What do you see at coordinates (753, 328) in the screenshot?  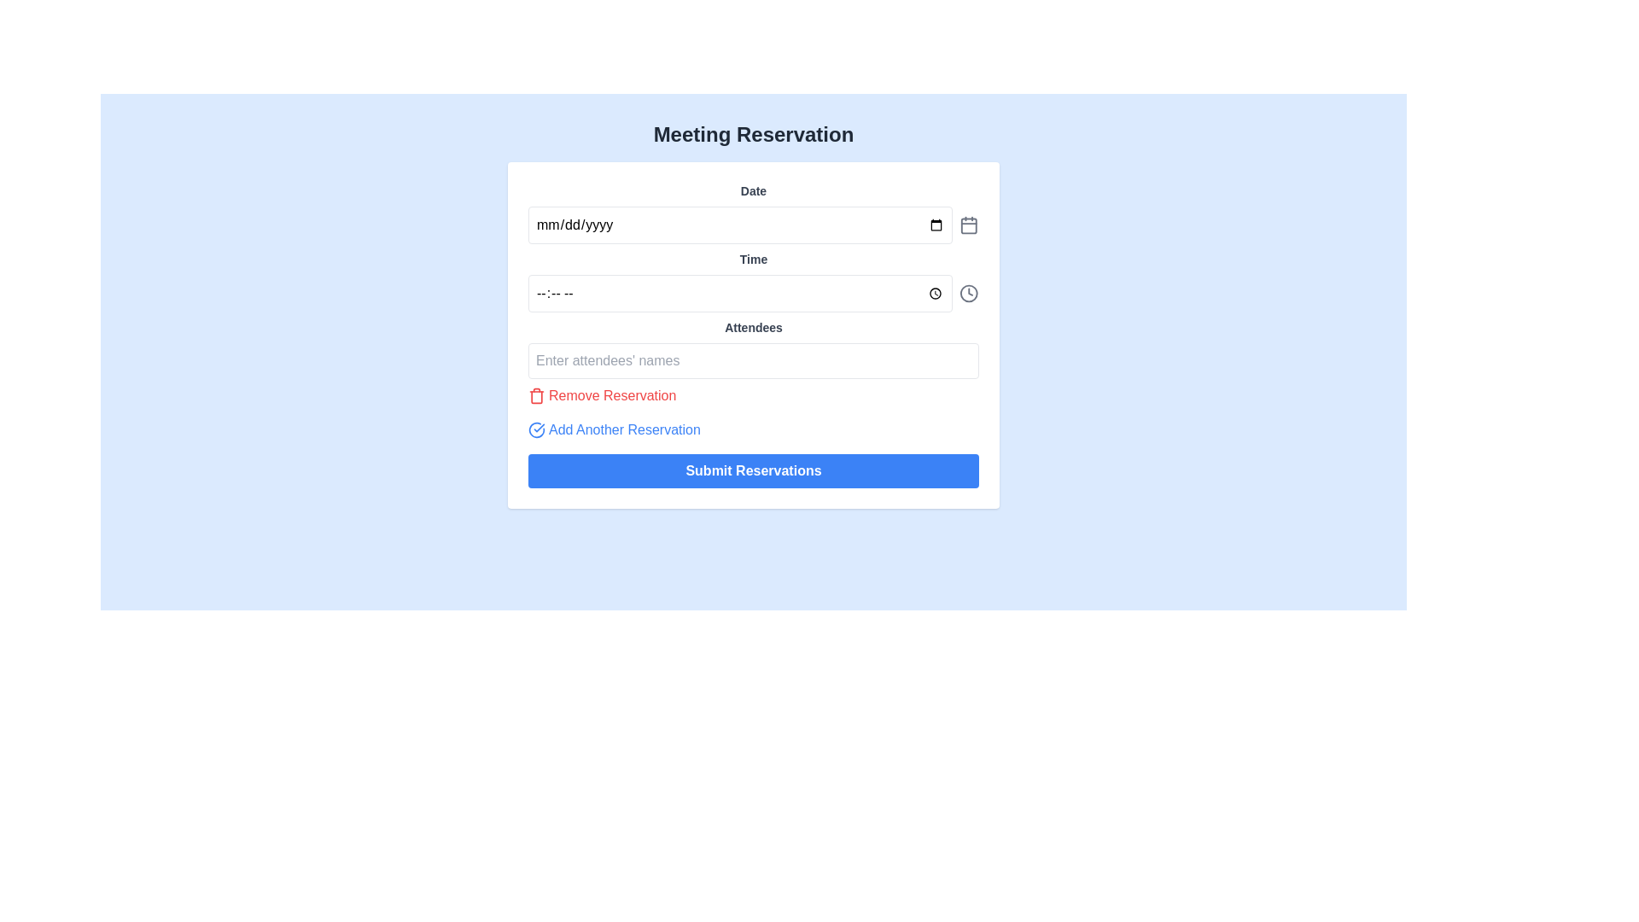 I see `the 'Attendees' label, which is styled with a smaller font size and bolded text, positioned below the 'Time' label and above the text input field for entering attendees' names` at bounding box center [753, 328].